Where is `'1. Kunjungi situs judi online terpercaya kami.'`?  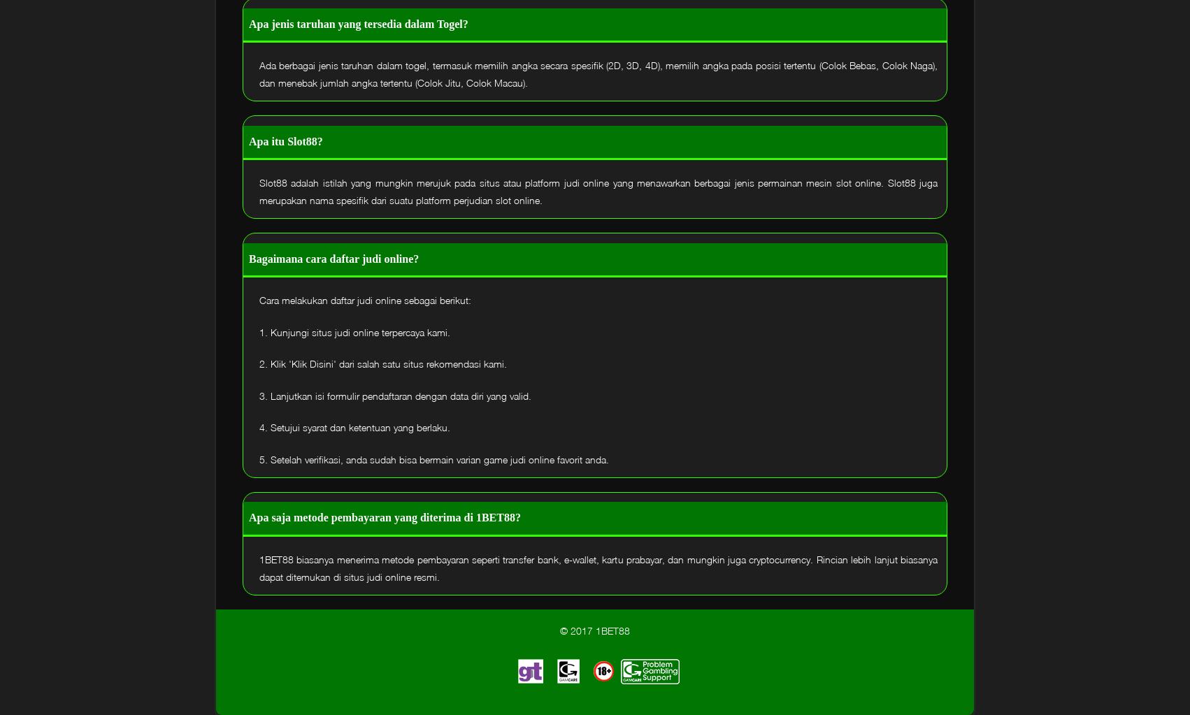
'1. Kunjungi situs judi online terpercaya kami.' is located at coordinates (354, 331).